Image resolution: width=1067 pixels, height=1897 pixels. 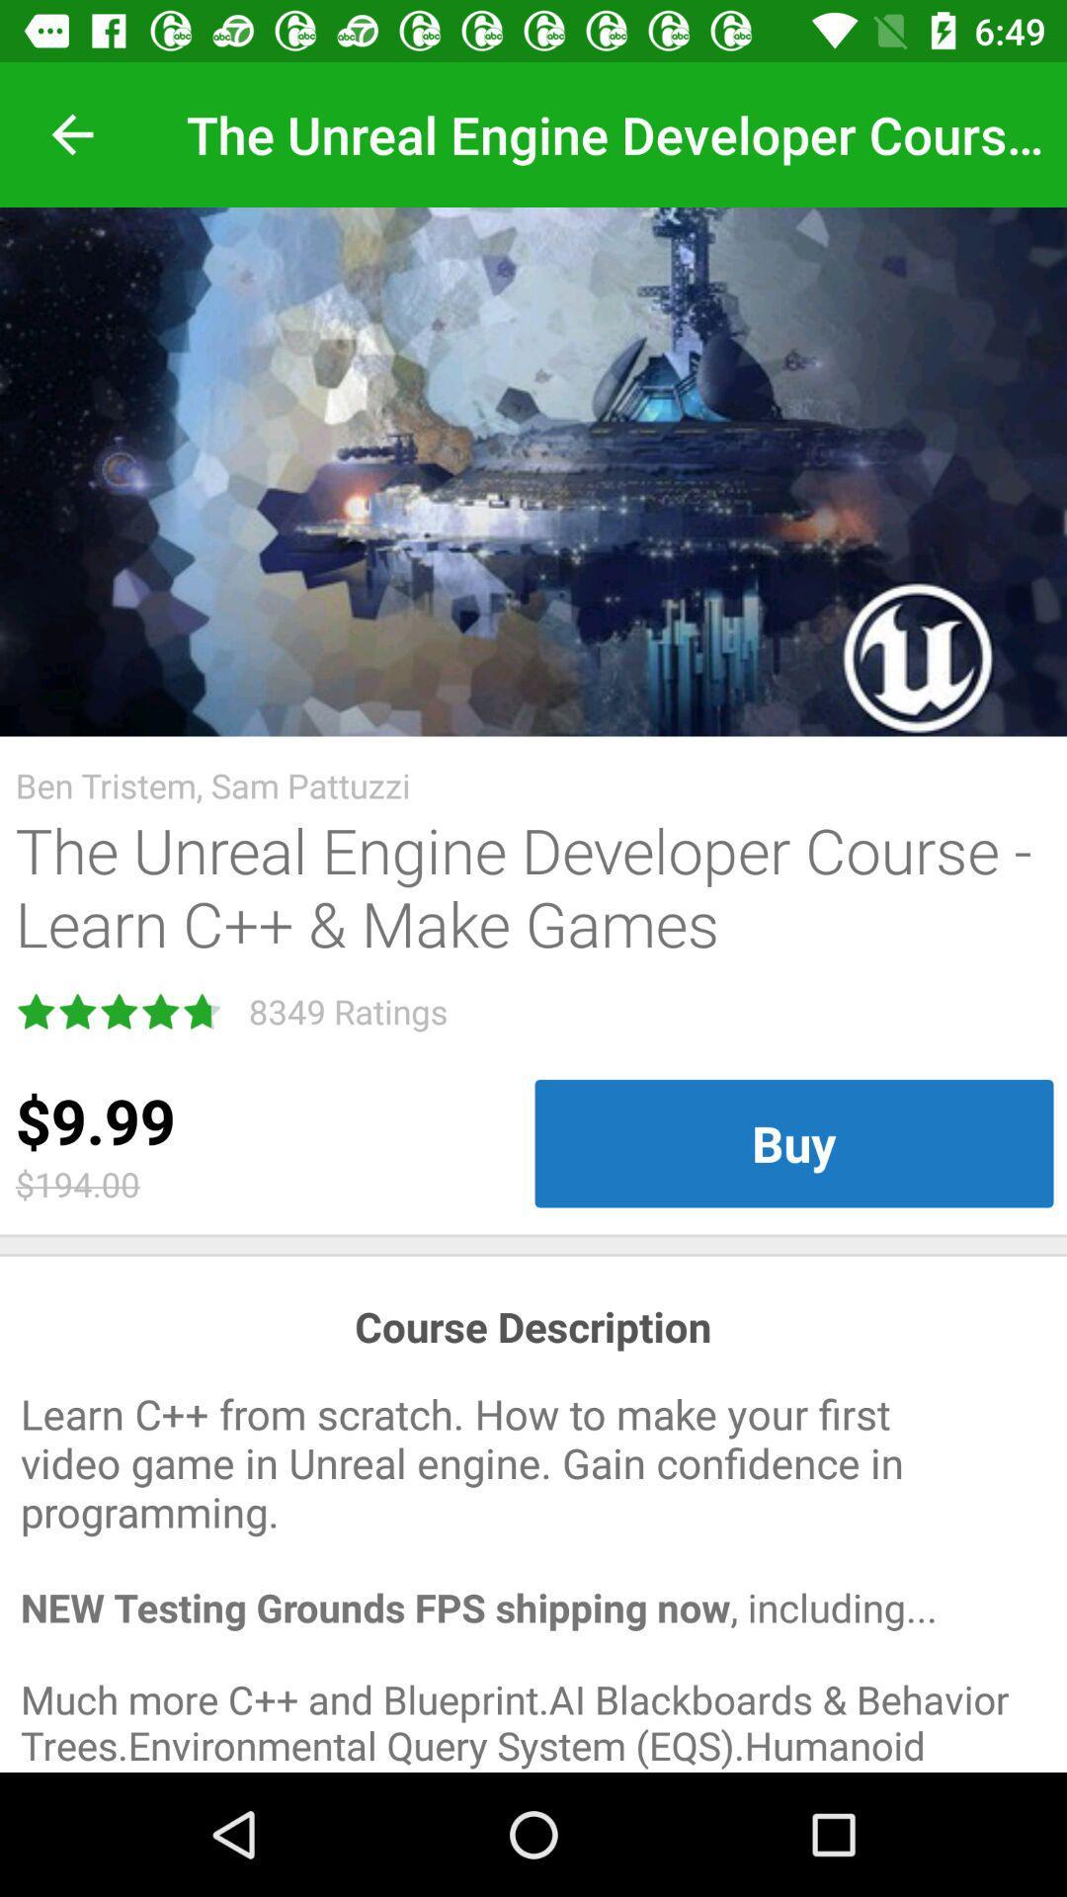 I want to click on icon below the unreal engine item, so click(x=792, y=1143).